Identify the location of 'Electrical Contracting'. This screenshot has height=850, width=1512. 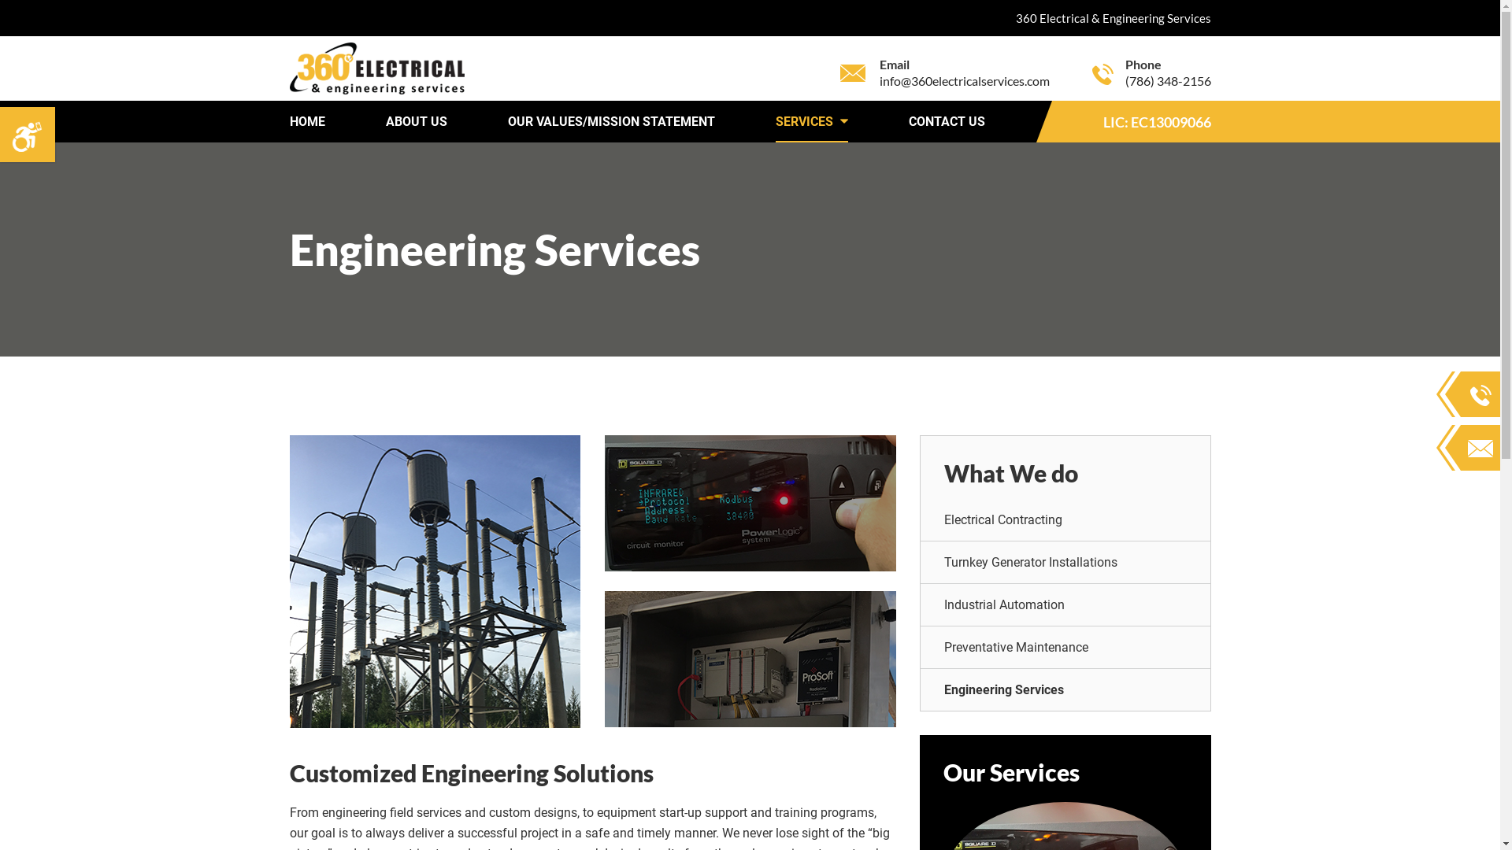
(1065, 519).